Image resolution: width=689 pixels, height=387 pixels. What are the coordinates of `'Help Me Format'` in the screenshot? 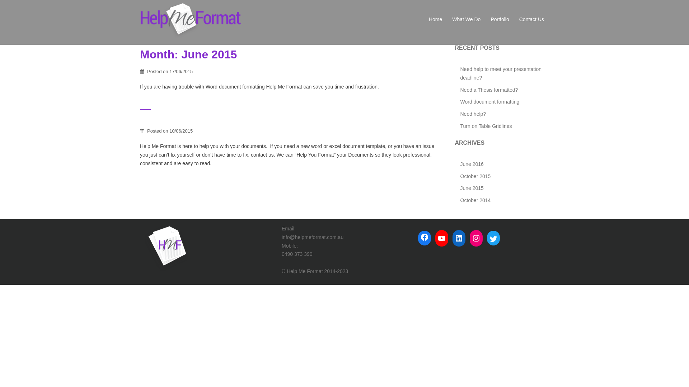 It's located at (191, 19).